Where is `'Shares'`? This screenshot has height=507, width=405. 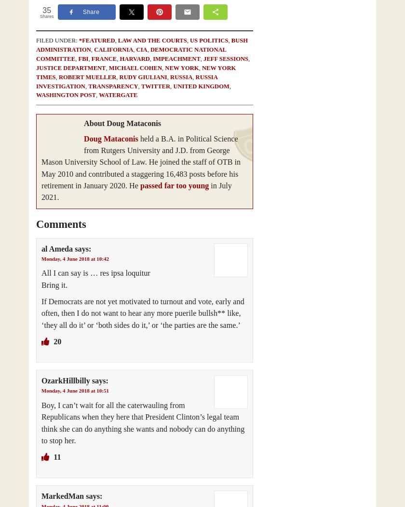
'Shares' is located at coordinates (47, 16).